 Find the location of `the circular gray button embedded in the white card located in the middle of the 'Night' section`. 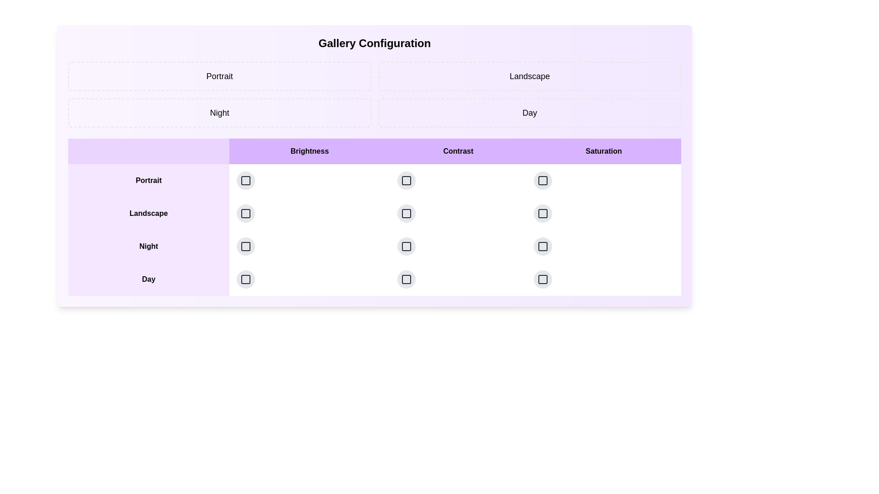

the circular gray button embedded in the white card located in the middle of the 'Night' section is located at coordinates (458, 246).